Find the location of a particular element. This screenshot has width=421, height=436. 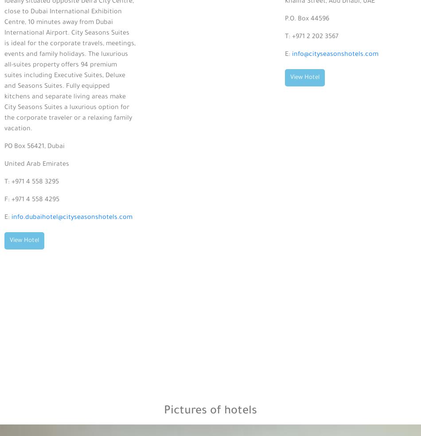

'United Arab Emirates' is located at coordinates (4, 164).